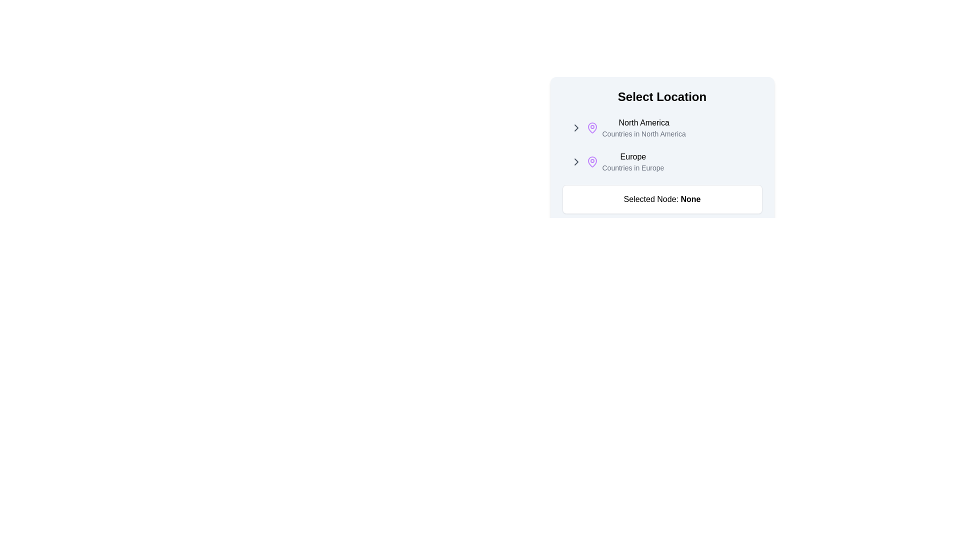 This screenshot has width=960, height=540. Describe the element at coordinates (690, 199) in the screenshot. I see `the text label that displays 'None' in bold black font, located within a white rectangular section beneath the header 'Selected Node'` at that location.